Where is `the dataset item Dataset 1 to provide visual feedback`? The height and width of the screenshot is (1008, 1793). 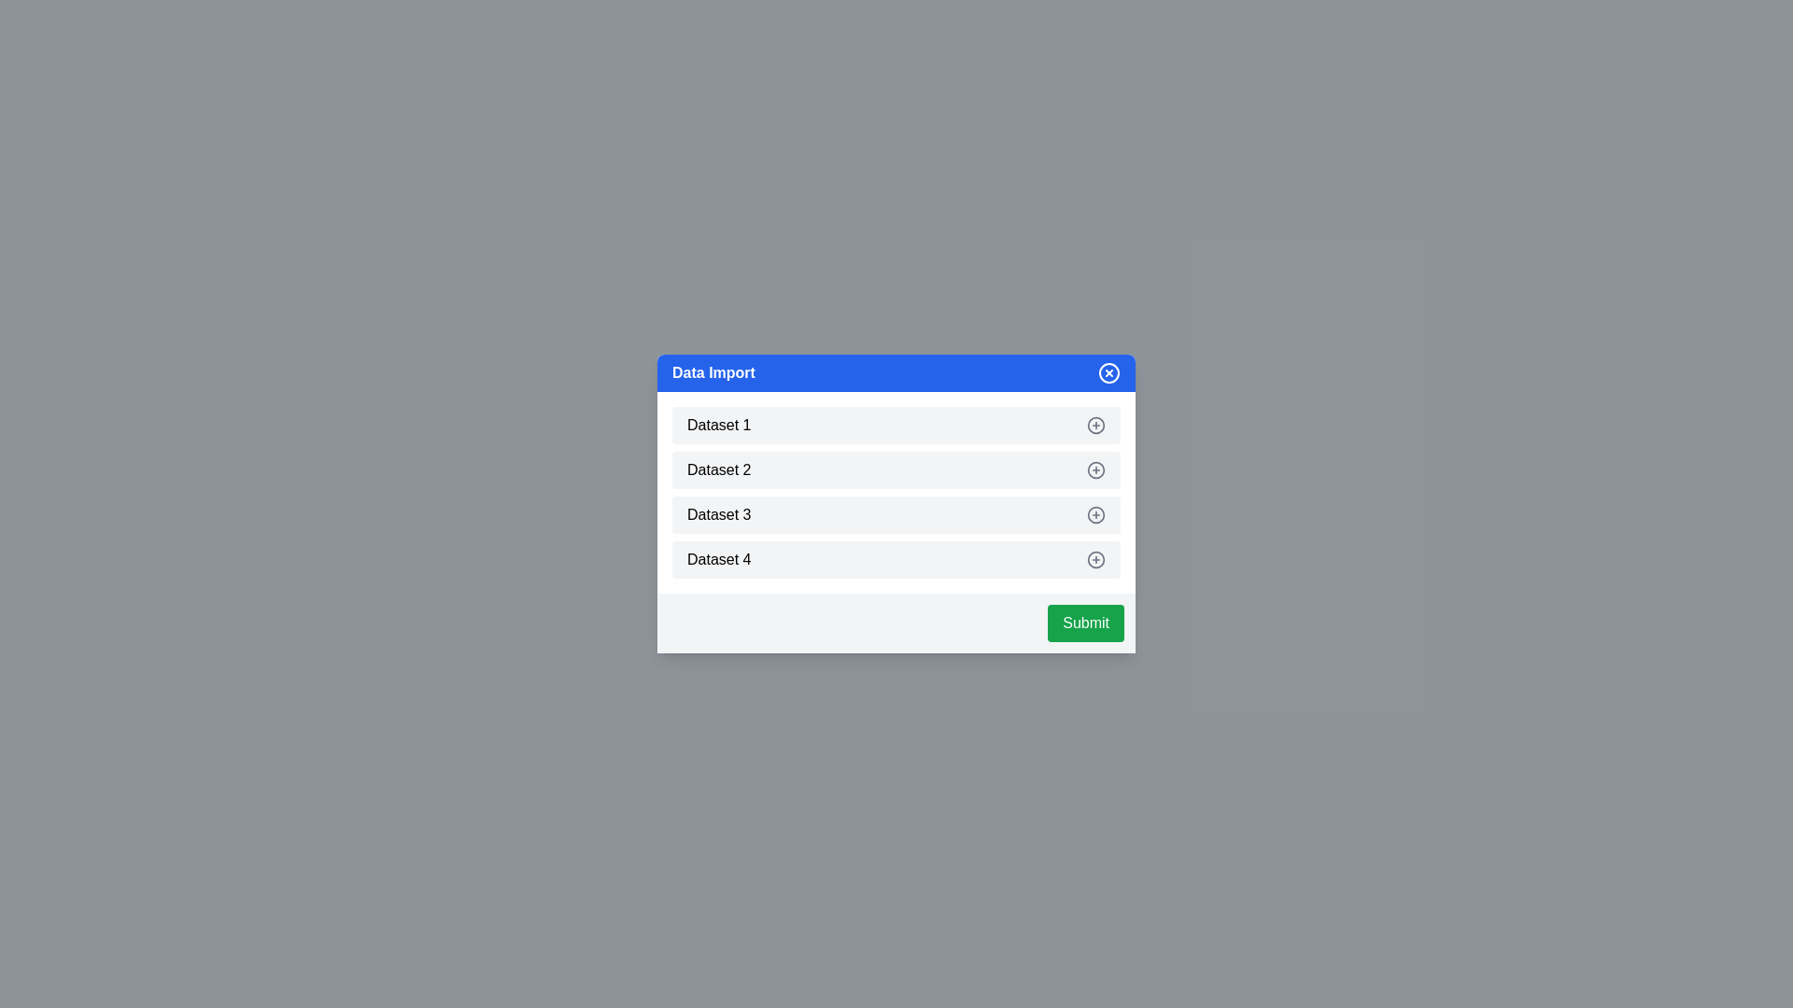 the dataset item Dataset 1 to provide visual feedback is located at coordinates (896, 425).